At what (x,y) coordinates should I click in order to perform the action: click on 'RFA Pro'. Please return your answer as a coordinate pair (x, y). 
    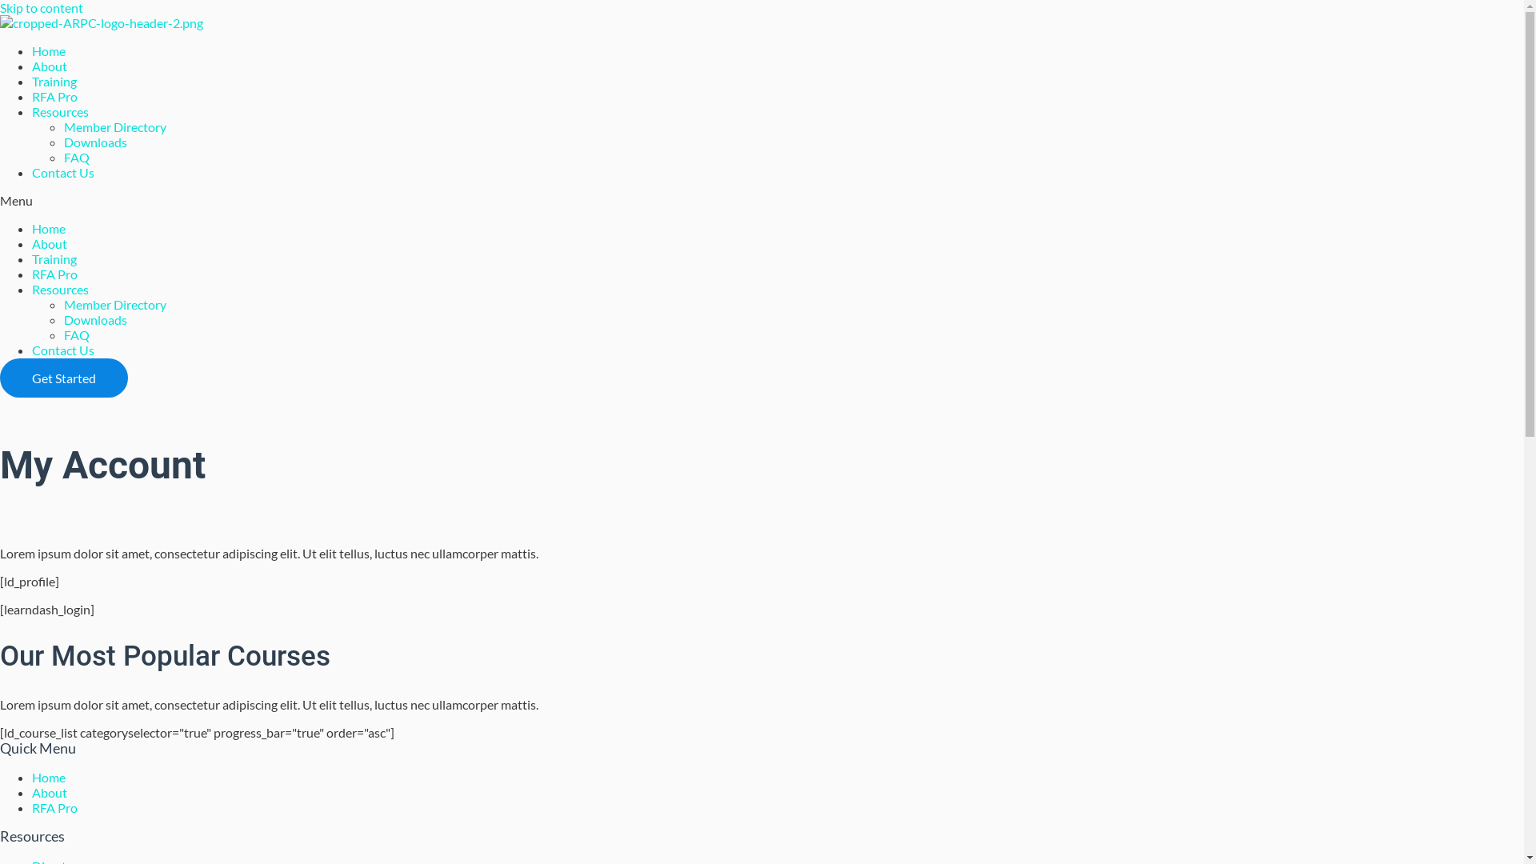
    Looking at the image, I should click on (54, 807).